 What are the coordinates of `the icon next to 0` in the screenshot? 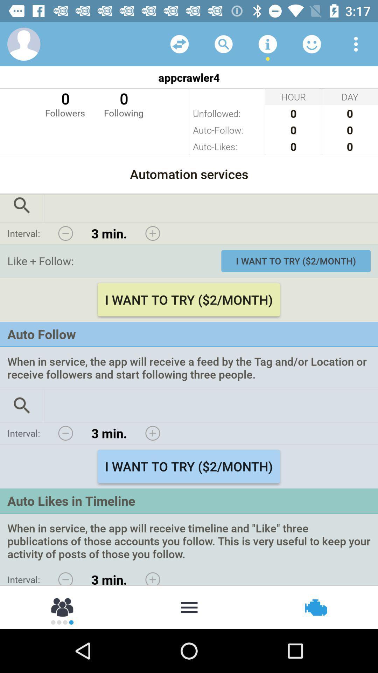 It's located at (123, 103).